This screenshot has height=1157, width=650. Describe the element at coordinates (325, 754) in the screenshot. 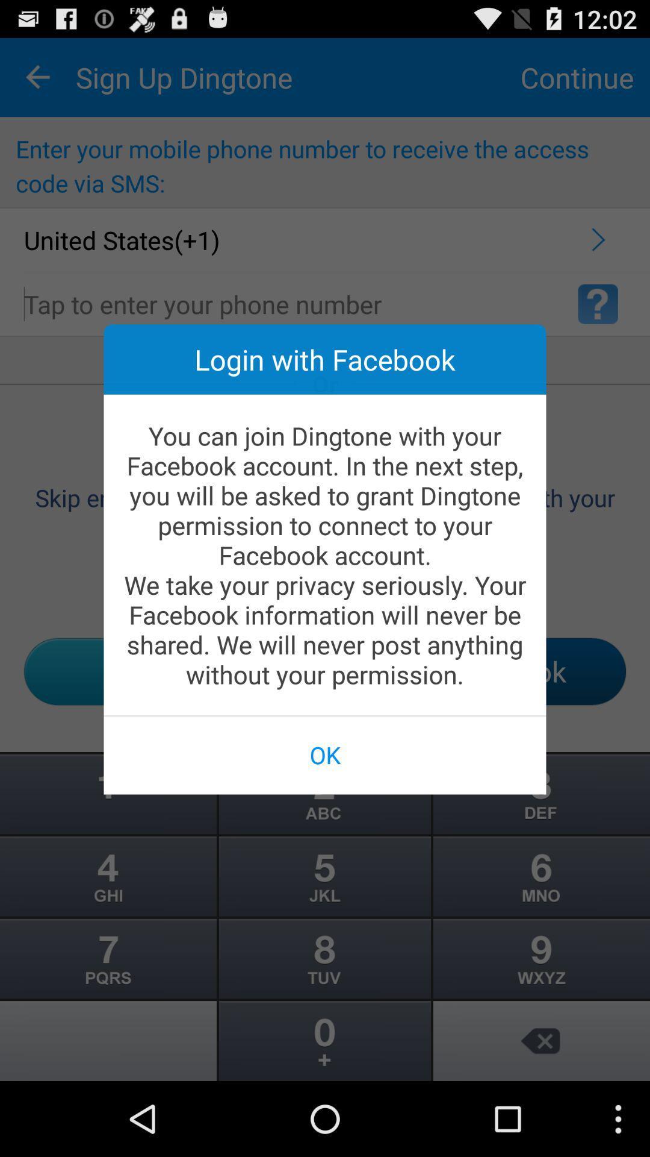

I see `ok icon` at that location.